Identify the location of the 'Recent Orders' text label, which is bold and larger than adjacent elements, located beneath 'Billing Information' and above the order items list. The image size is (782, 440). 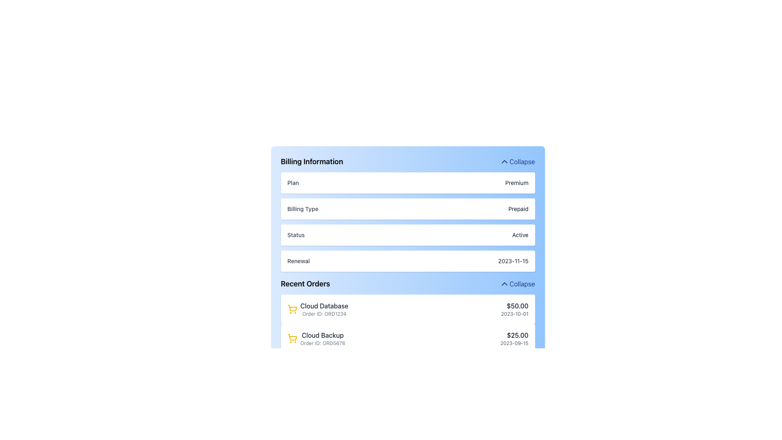
(305, 284).